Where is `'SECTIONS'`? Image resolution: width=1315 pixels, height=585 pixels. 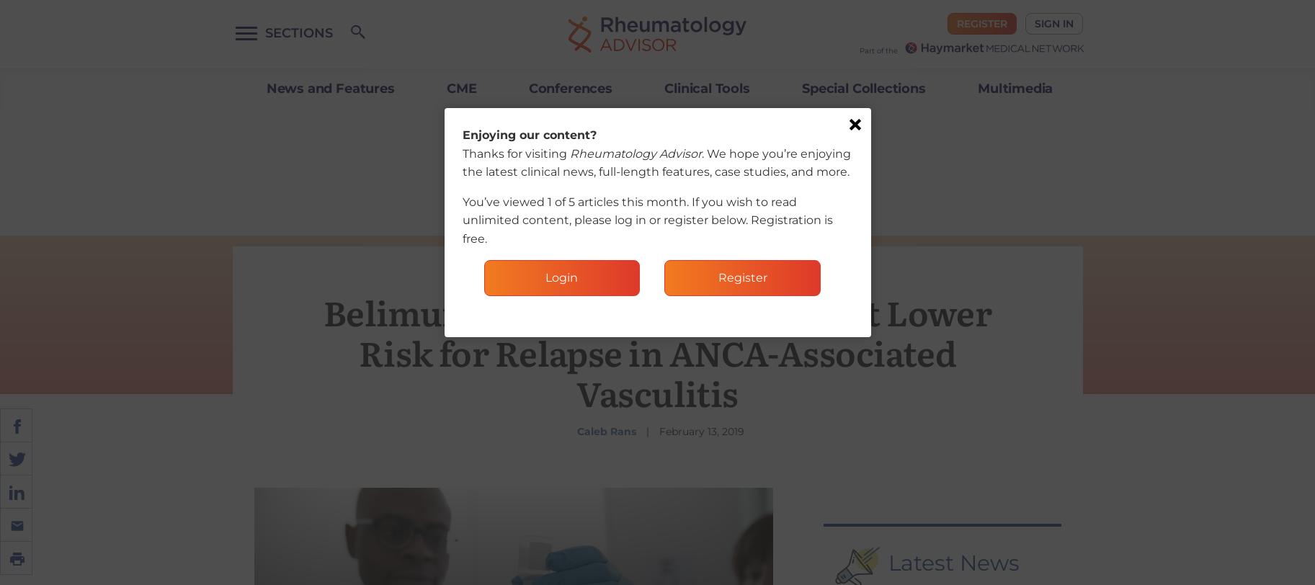
'SECTIONS' is located at coordinates (297, 33).